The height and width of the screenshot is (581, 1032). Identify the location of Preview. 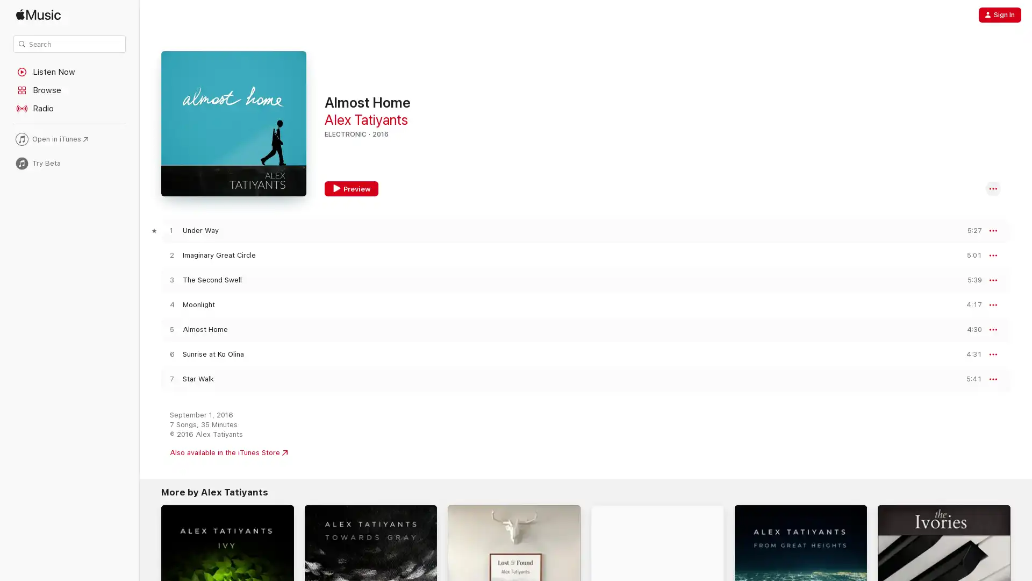
(970, 378).